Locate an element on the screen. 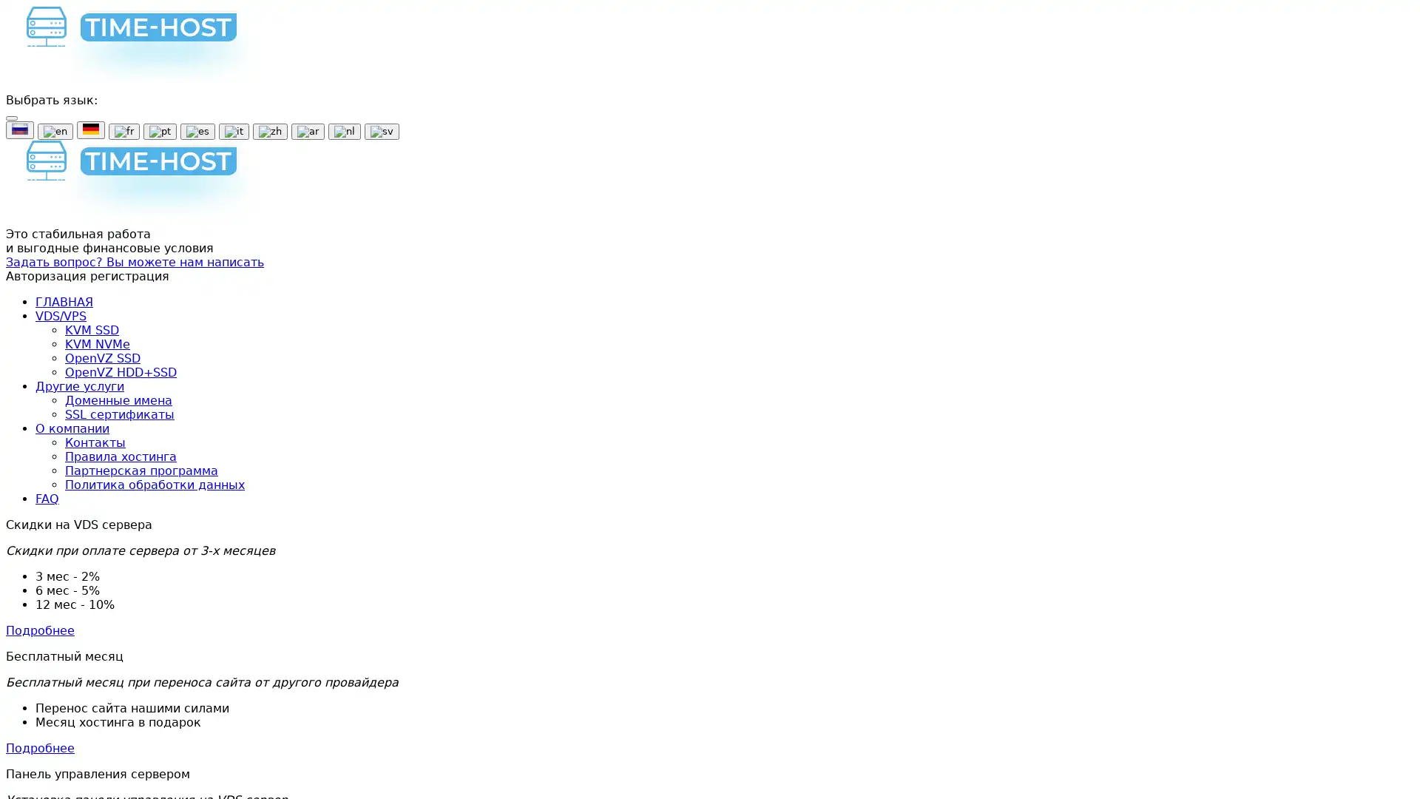 Image resolution: width=1420 pixels, height=799 pixels. pt is located at coordinates (160, 130).